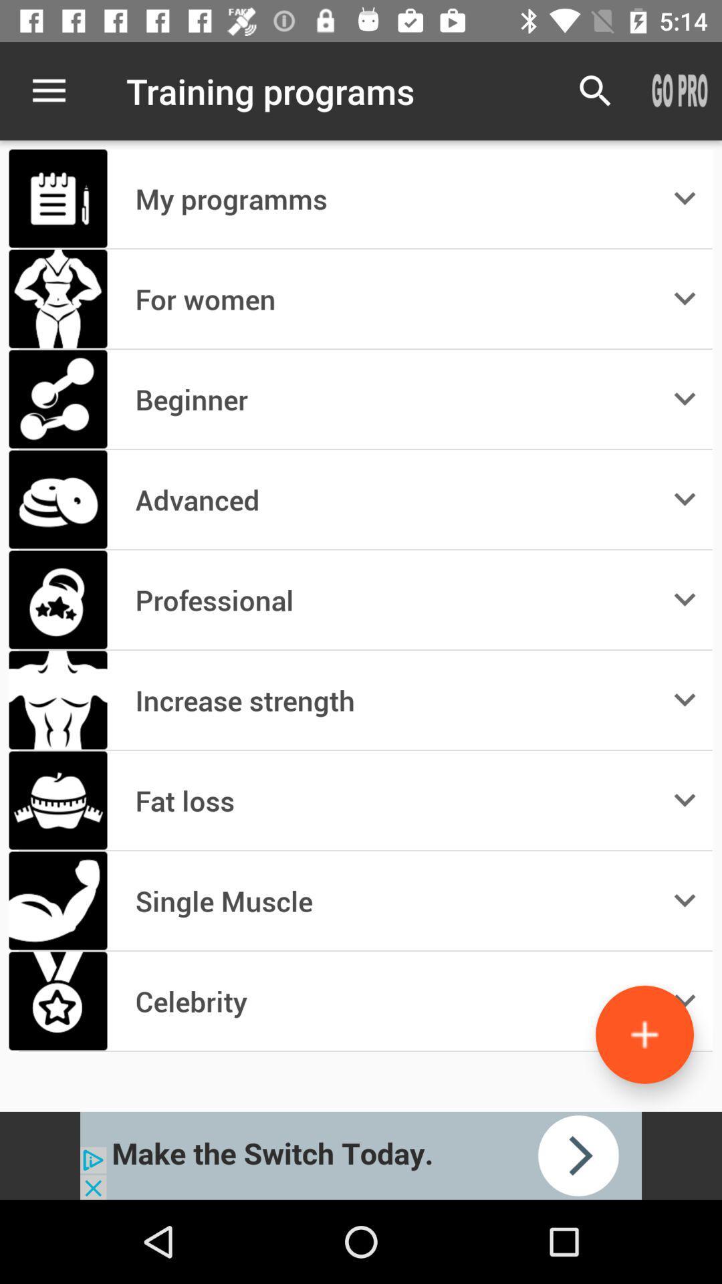  Describe the element at coordinates (361, 1155) in the screenshot. I see `click on advertisement` at that location.